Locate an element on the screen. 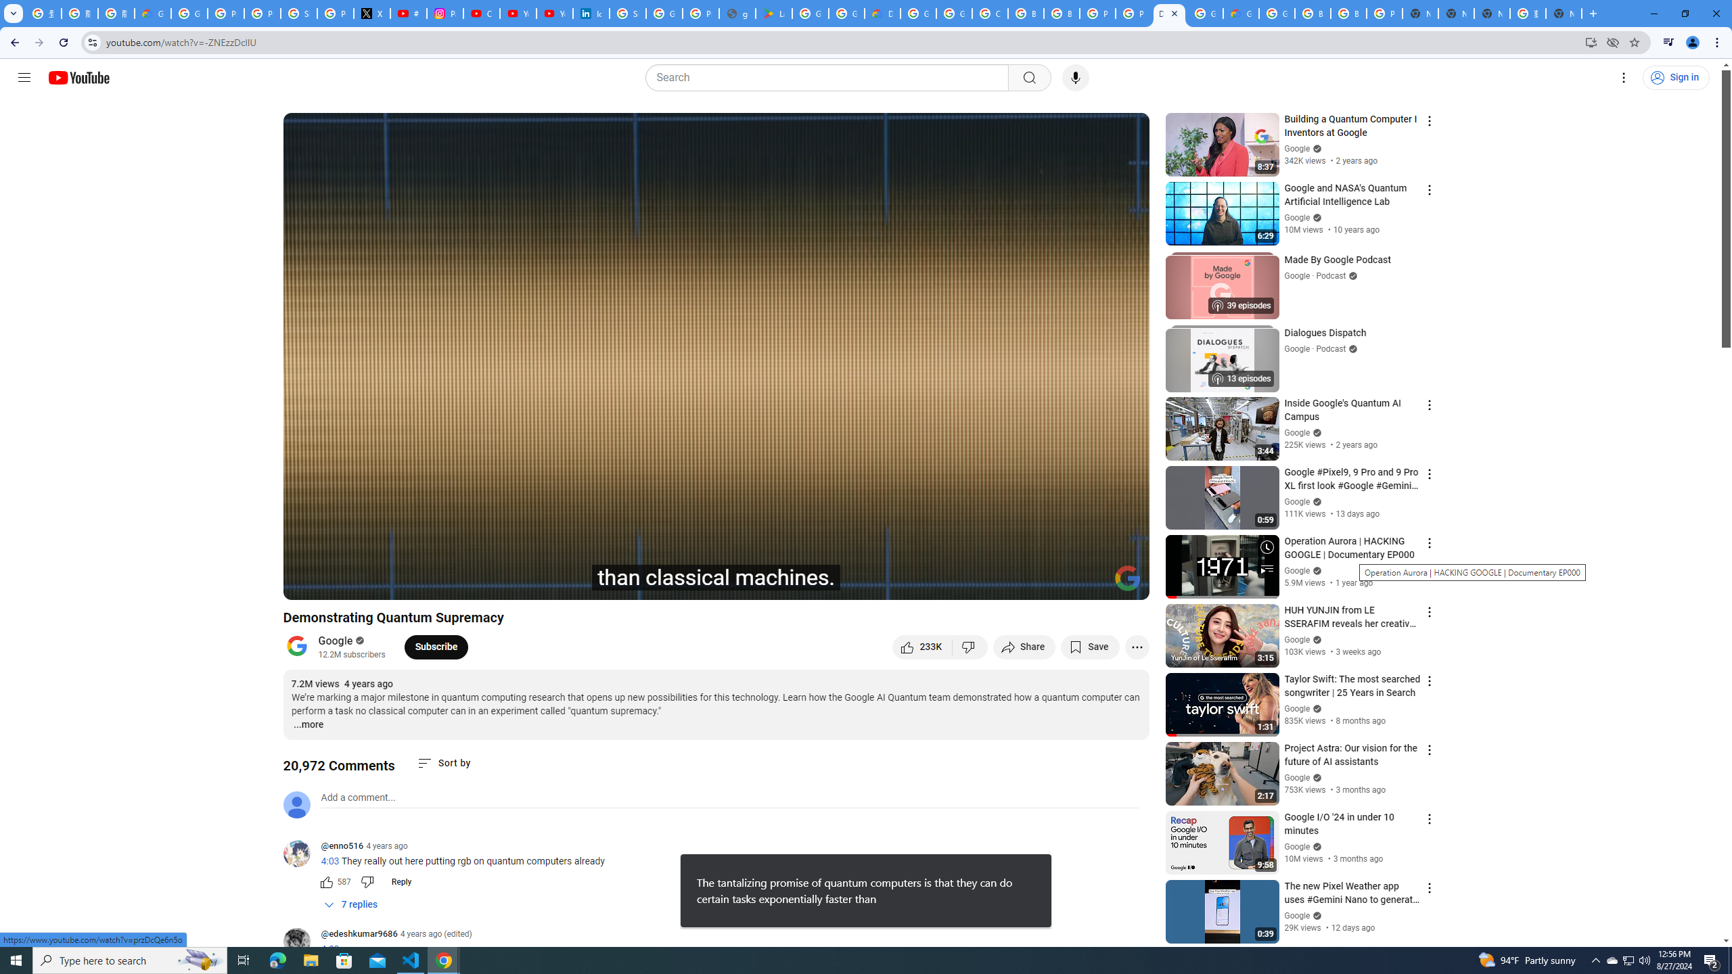  '@enno516' is located at coordinates (342, 846).